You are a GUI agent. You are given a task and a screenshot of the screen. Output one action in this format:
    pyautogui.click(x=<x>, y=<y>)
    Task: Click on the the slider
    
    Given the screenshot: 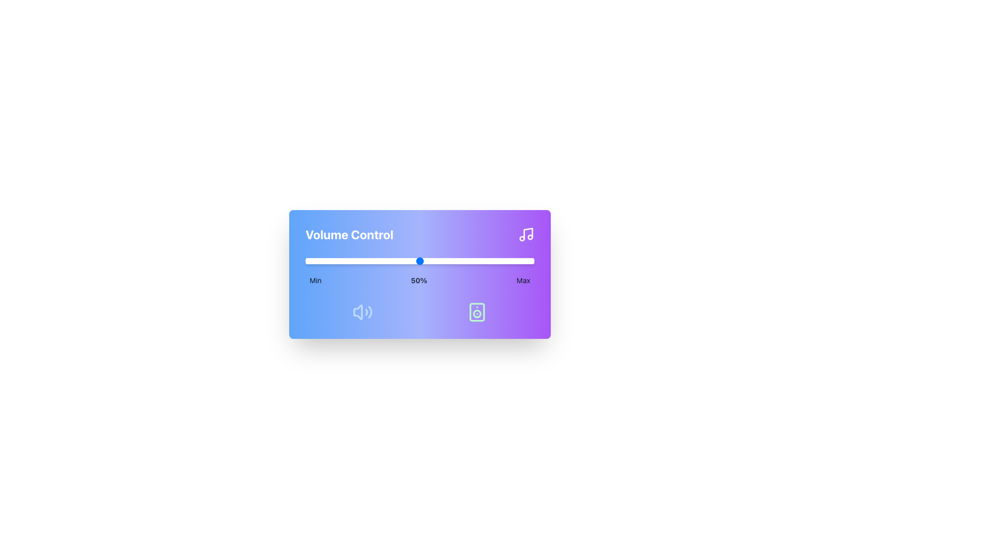 What is the action you would take?
    pyautogui.click(x=356, y=260)
    